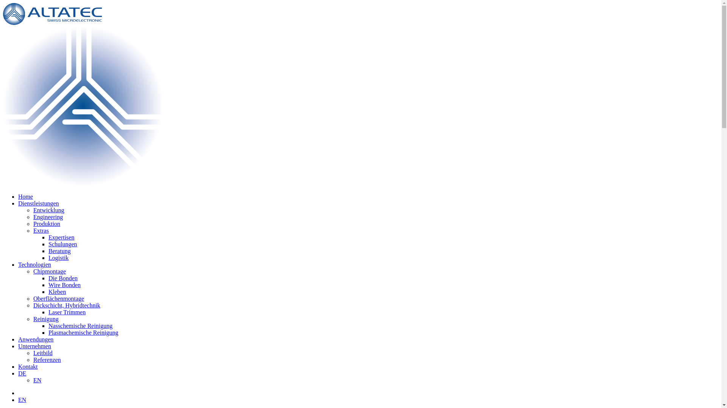 The image size is (727, 408). I want to click on 'Entwicklung', so click(48, 210).